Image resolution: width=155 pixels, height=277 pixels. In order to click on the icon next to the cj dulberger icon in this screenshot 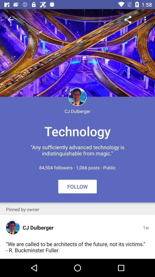, I will do `click(13, 227)`.